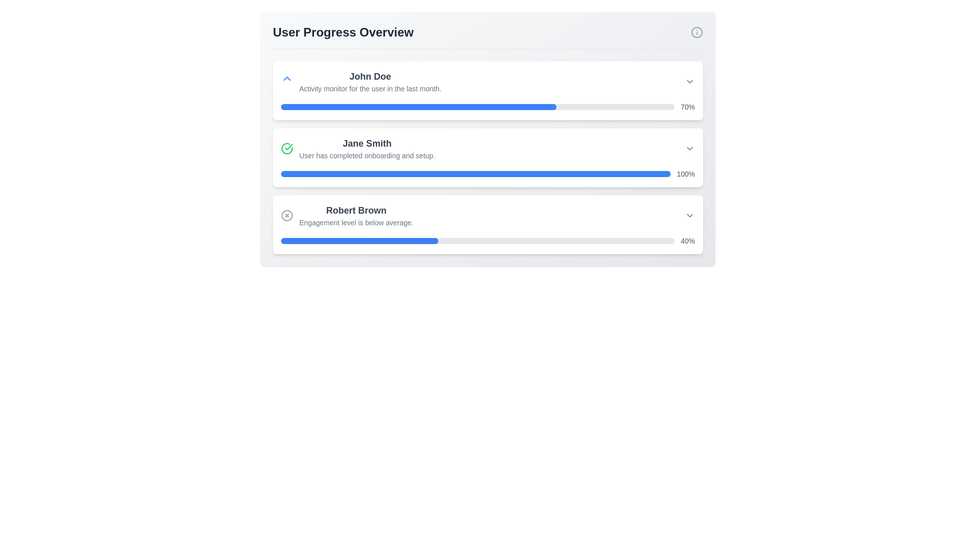 This screenshot has width=974, height=548. What do you see at coordinates (696, 32) in the screenshot?
I see `the informational SVG icon with an 'i' in the middle, located at the far right end of the 'User Progress Overview' header` at bounding box center [696, 32].